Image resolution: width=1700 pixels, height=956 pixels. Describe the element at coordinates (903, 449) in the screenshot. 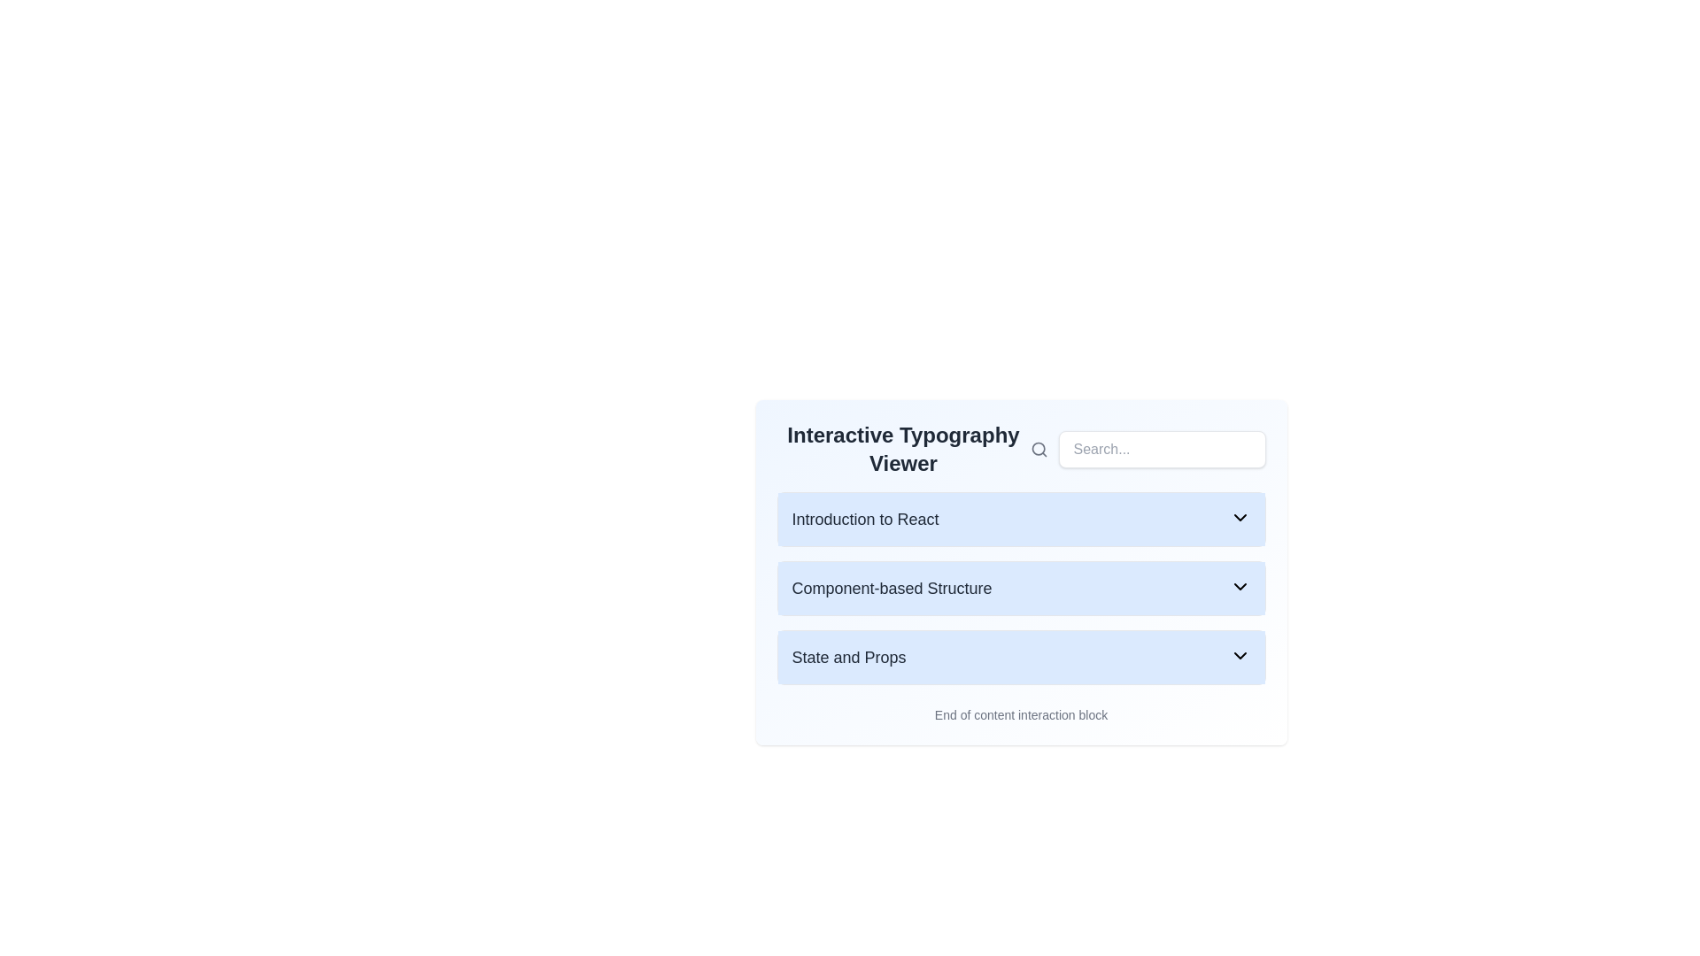

I see `the Text Header element that serves as the title or header for the section, located to the left of the search box input field and an icon` at that location.